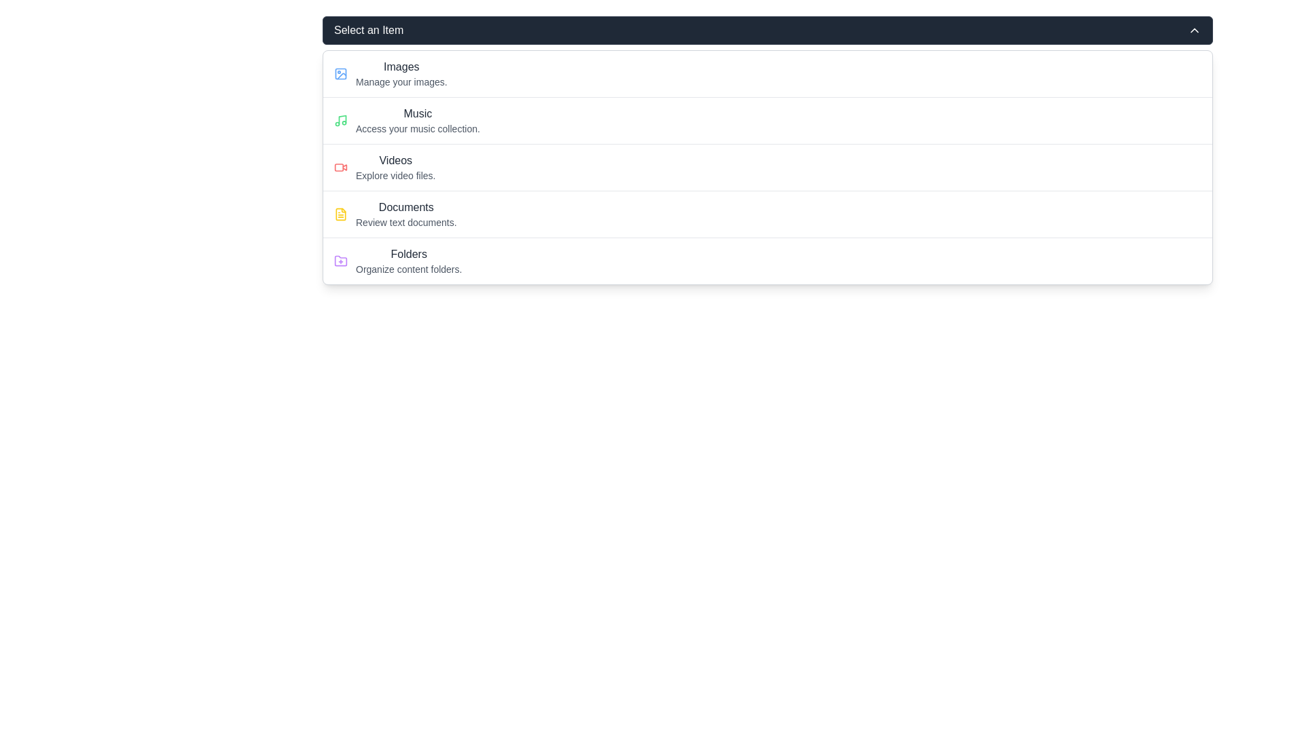  Describe the element at coordinates (401, 81) in the screenshot. I see `the descriptive text element that reads 'Manage your images.' located beneath the bold 'Images' header in the dropdown menu` at that location.